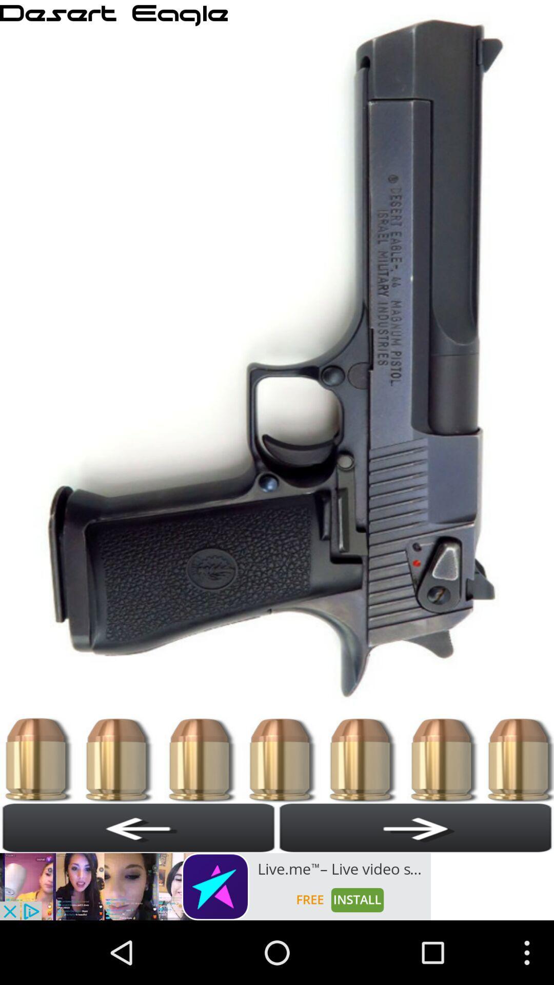  I want to click on switch left arrow option, so click(138, 828).